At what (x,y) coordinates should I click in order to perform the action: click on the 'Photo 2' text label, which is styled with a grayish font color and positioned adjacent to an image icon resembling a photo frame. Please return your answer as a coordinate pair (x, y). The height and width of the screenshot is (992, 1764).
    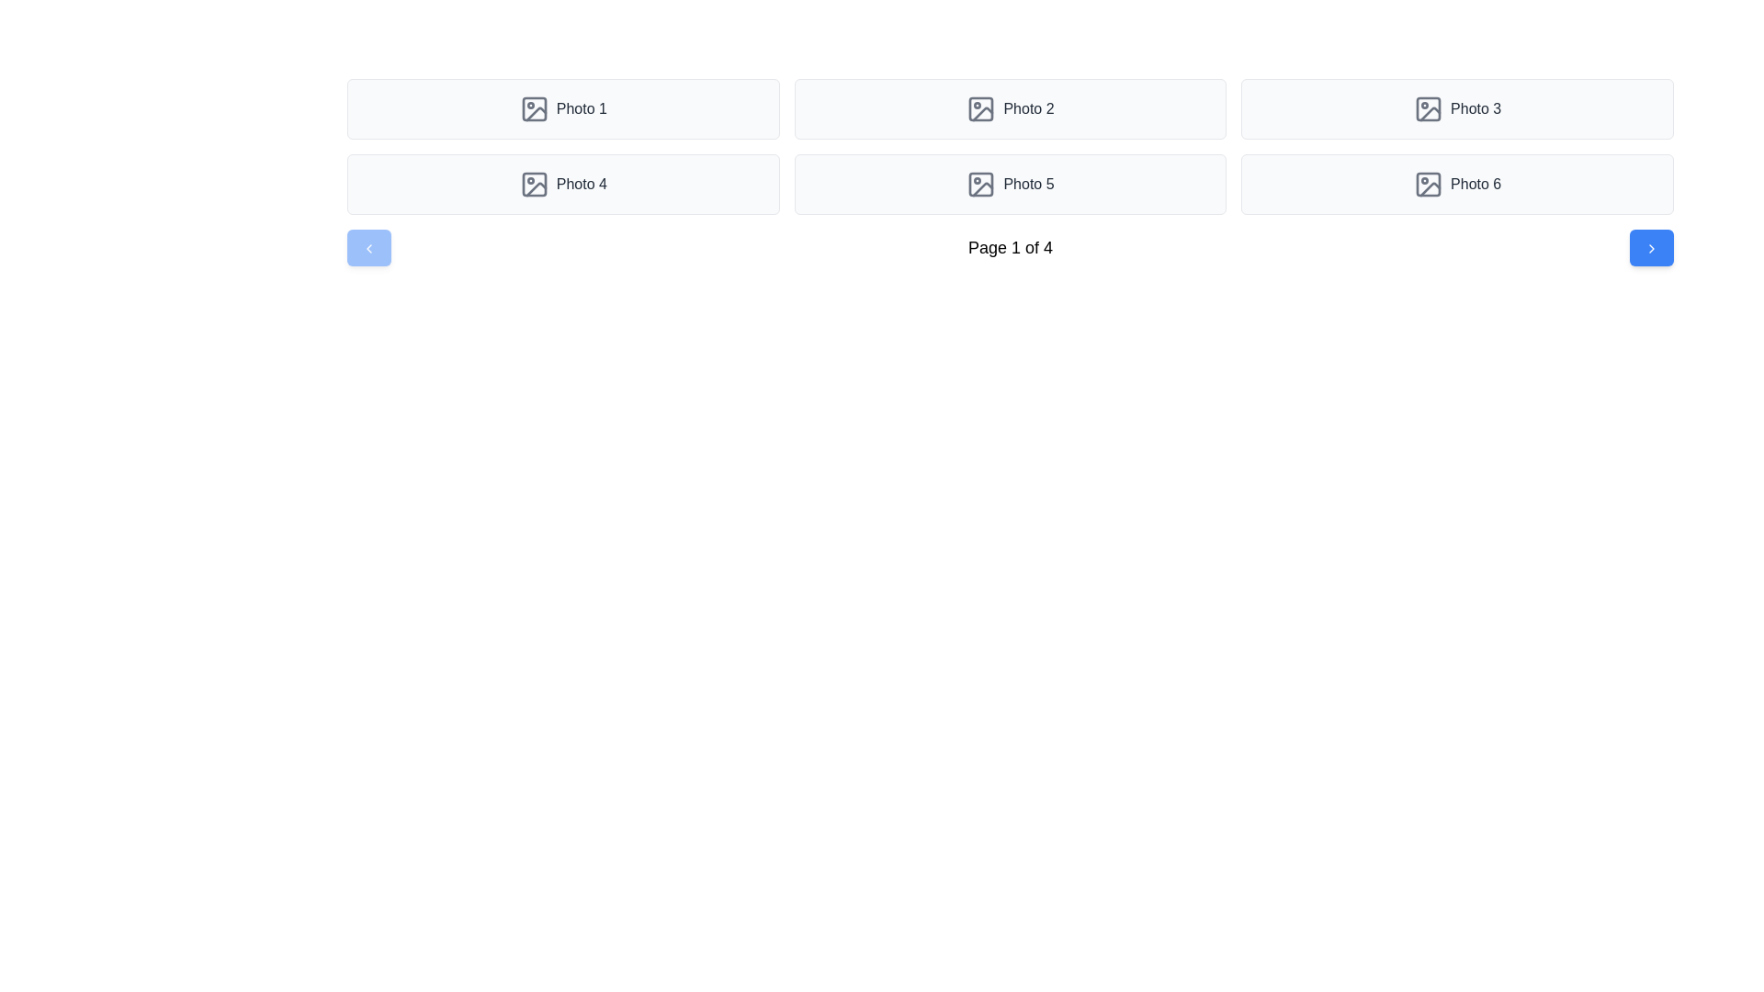
    Looking at the image, I should click on (1027, 109).